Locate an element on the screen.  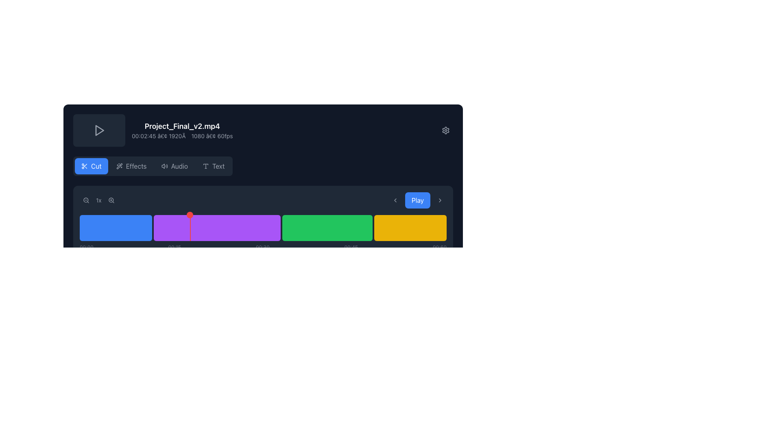
the zoom-in button located in the horizontal toolbar below the video player, adjacent to the '1x' text is located at coordinates (111, 200).